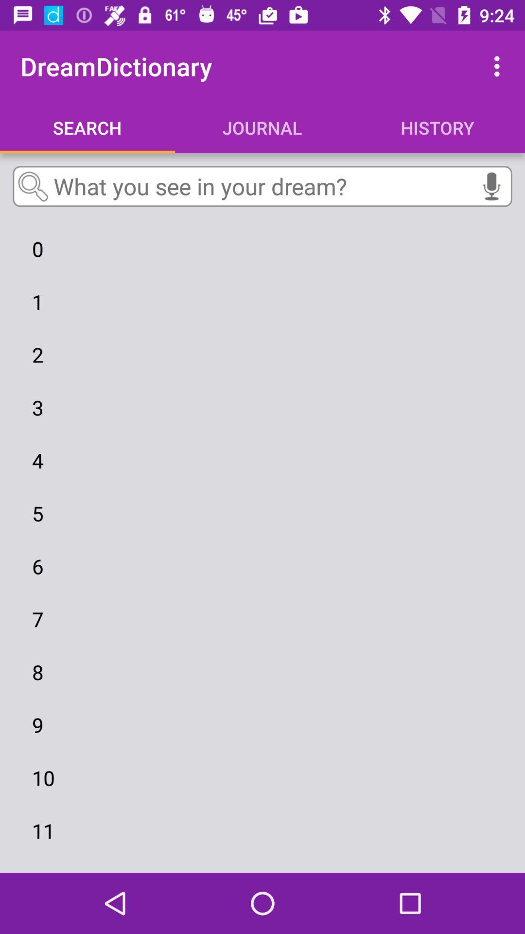 Image resolution: width=525 pixels, height=934 pixels. Describe the element at coordinates (499, 66) in the screenshot. I see `the item to the right of dreamdictionary app` at that location.